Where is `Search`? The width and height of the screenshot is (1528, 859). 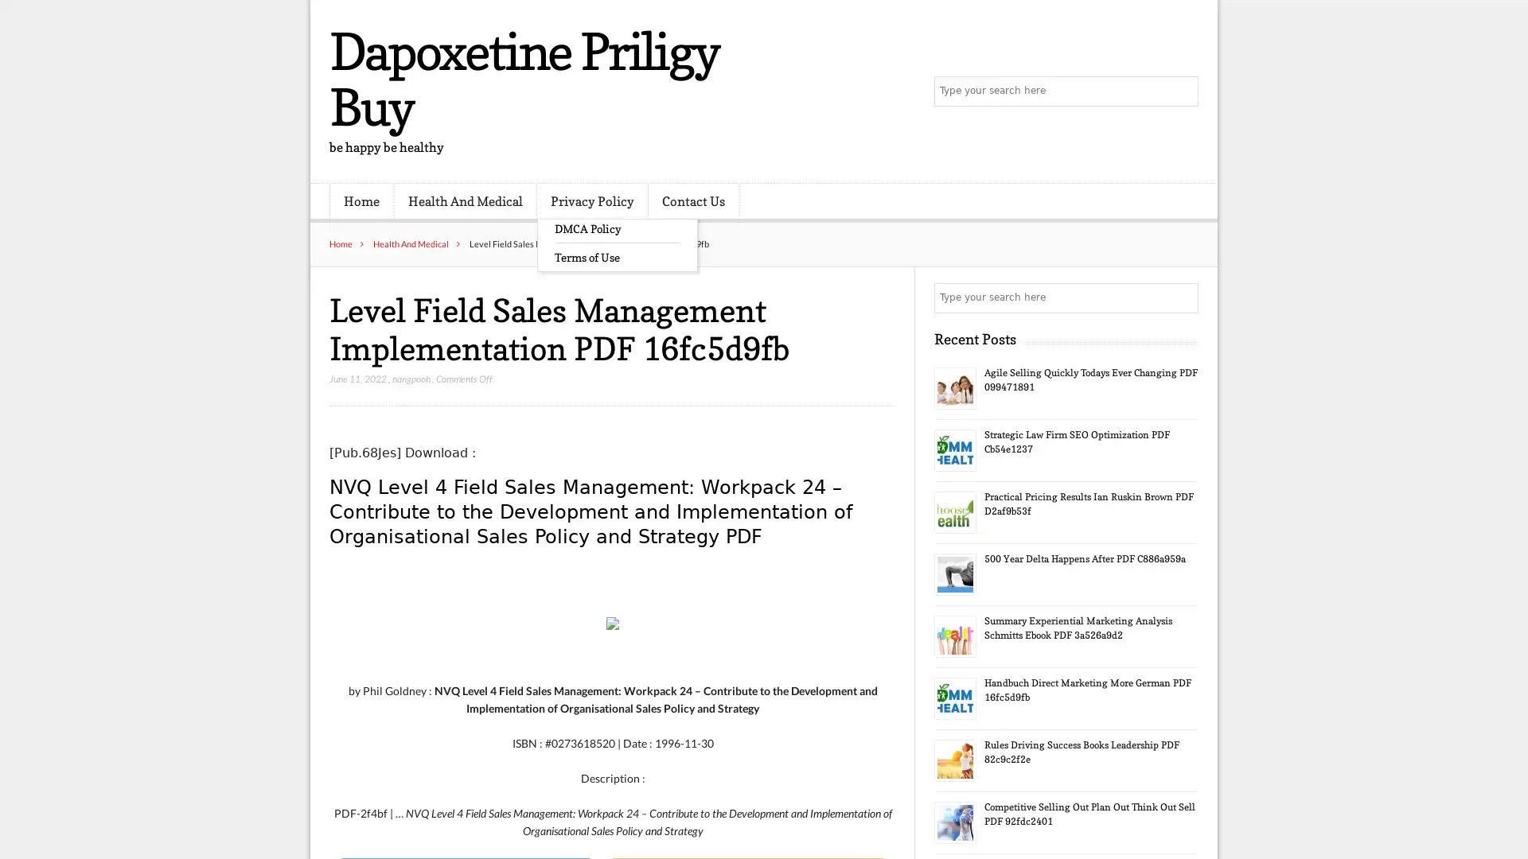
Search is located at coordinates (1182, 297).